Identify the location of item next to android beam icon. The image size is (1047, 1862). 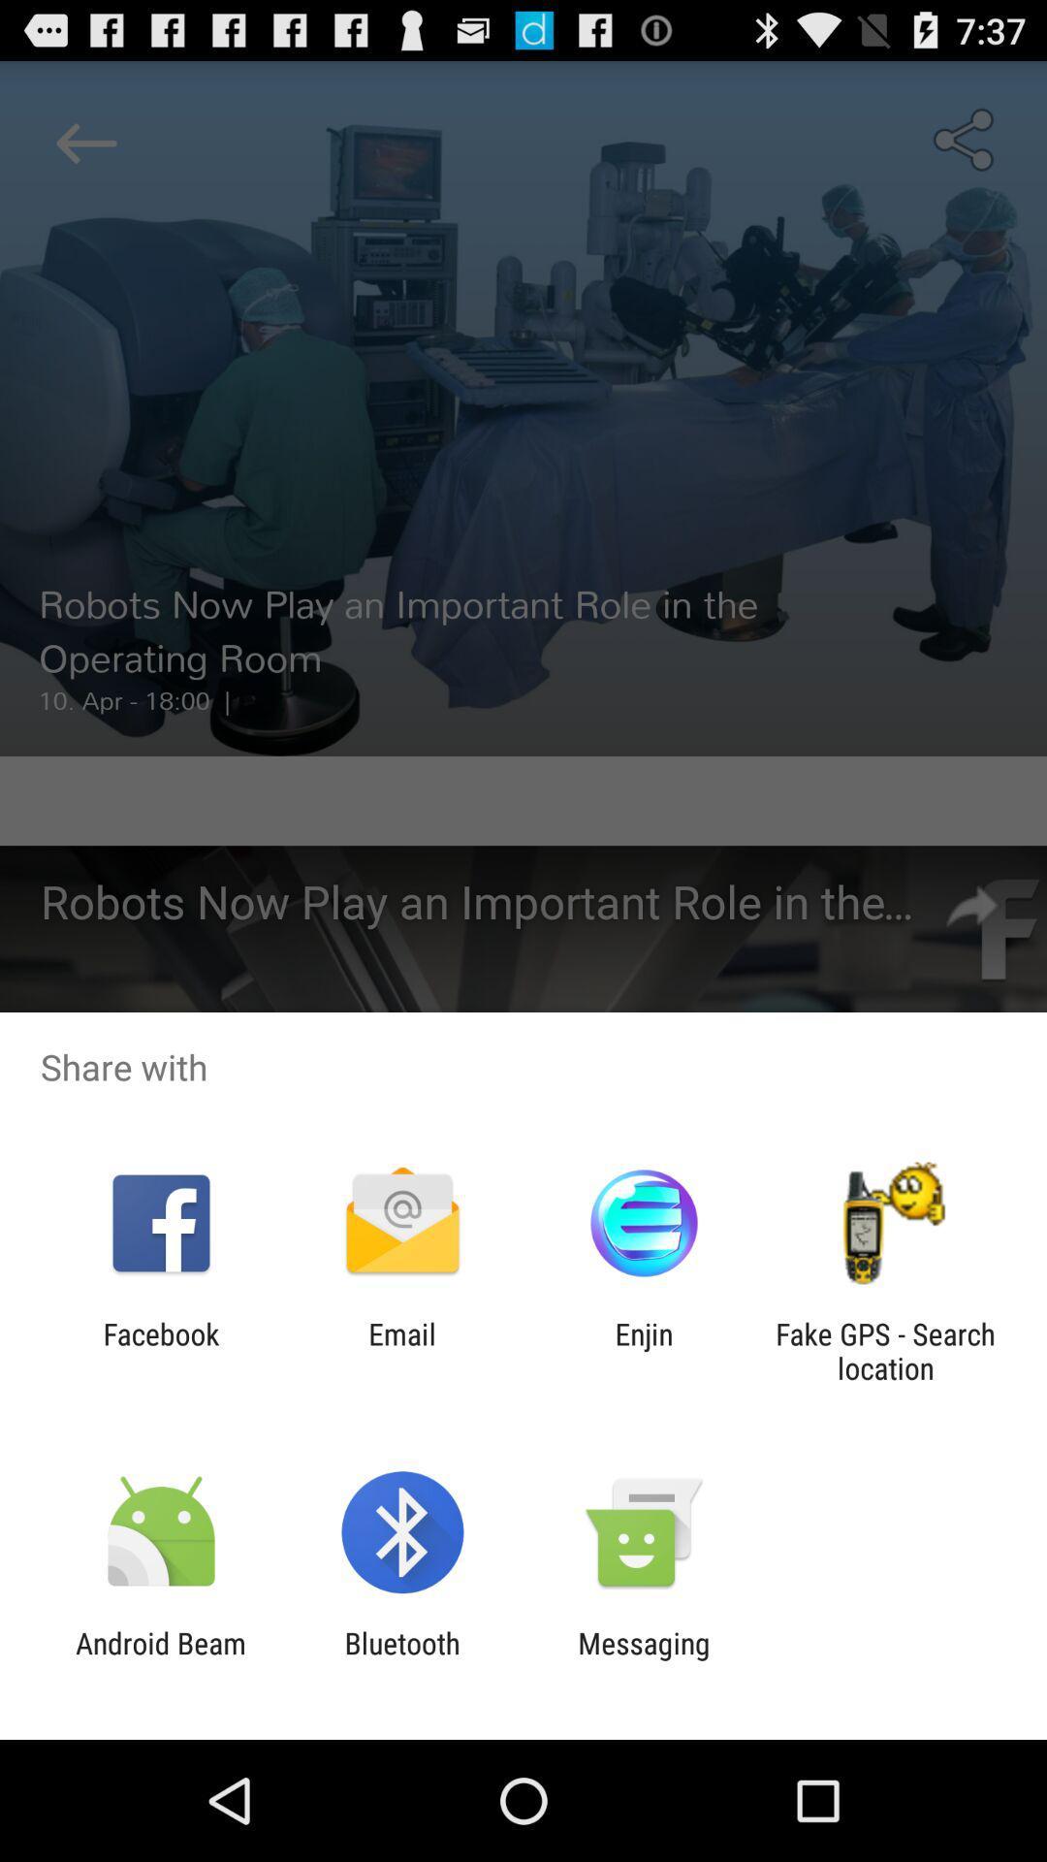
(401, 1659).